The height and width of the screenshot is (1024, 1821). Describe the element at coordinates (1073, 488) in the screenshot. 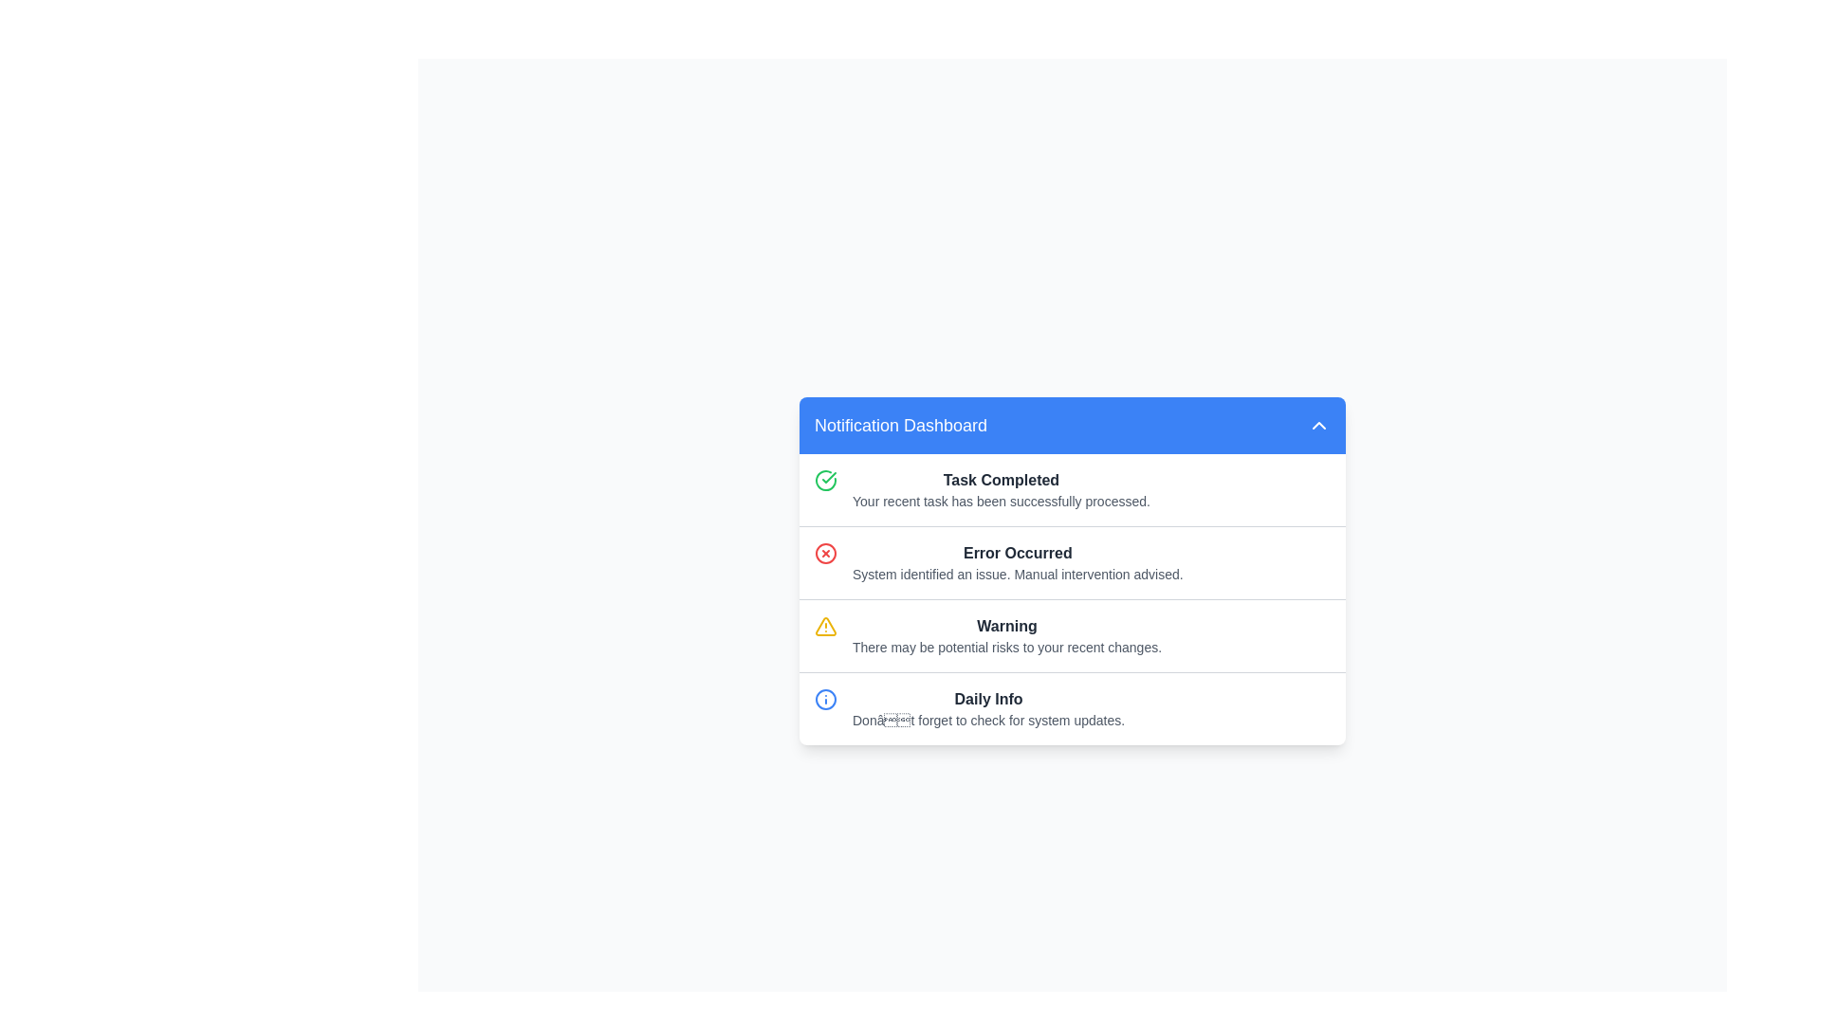

I see `text of the notification banner indicating 'Task Completed' and 'Your recent task has been successfully processed.'` at that location.